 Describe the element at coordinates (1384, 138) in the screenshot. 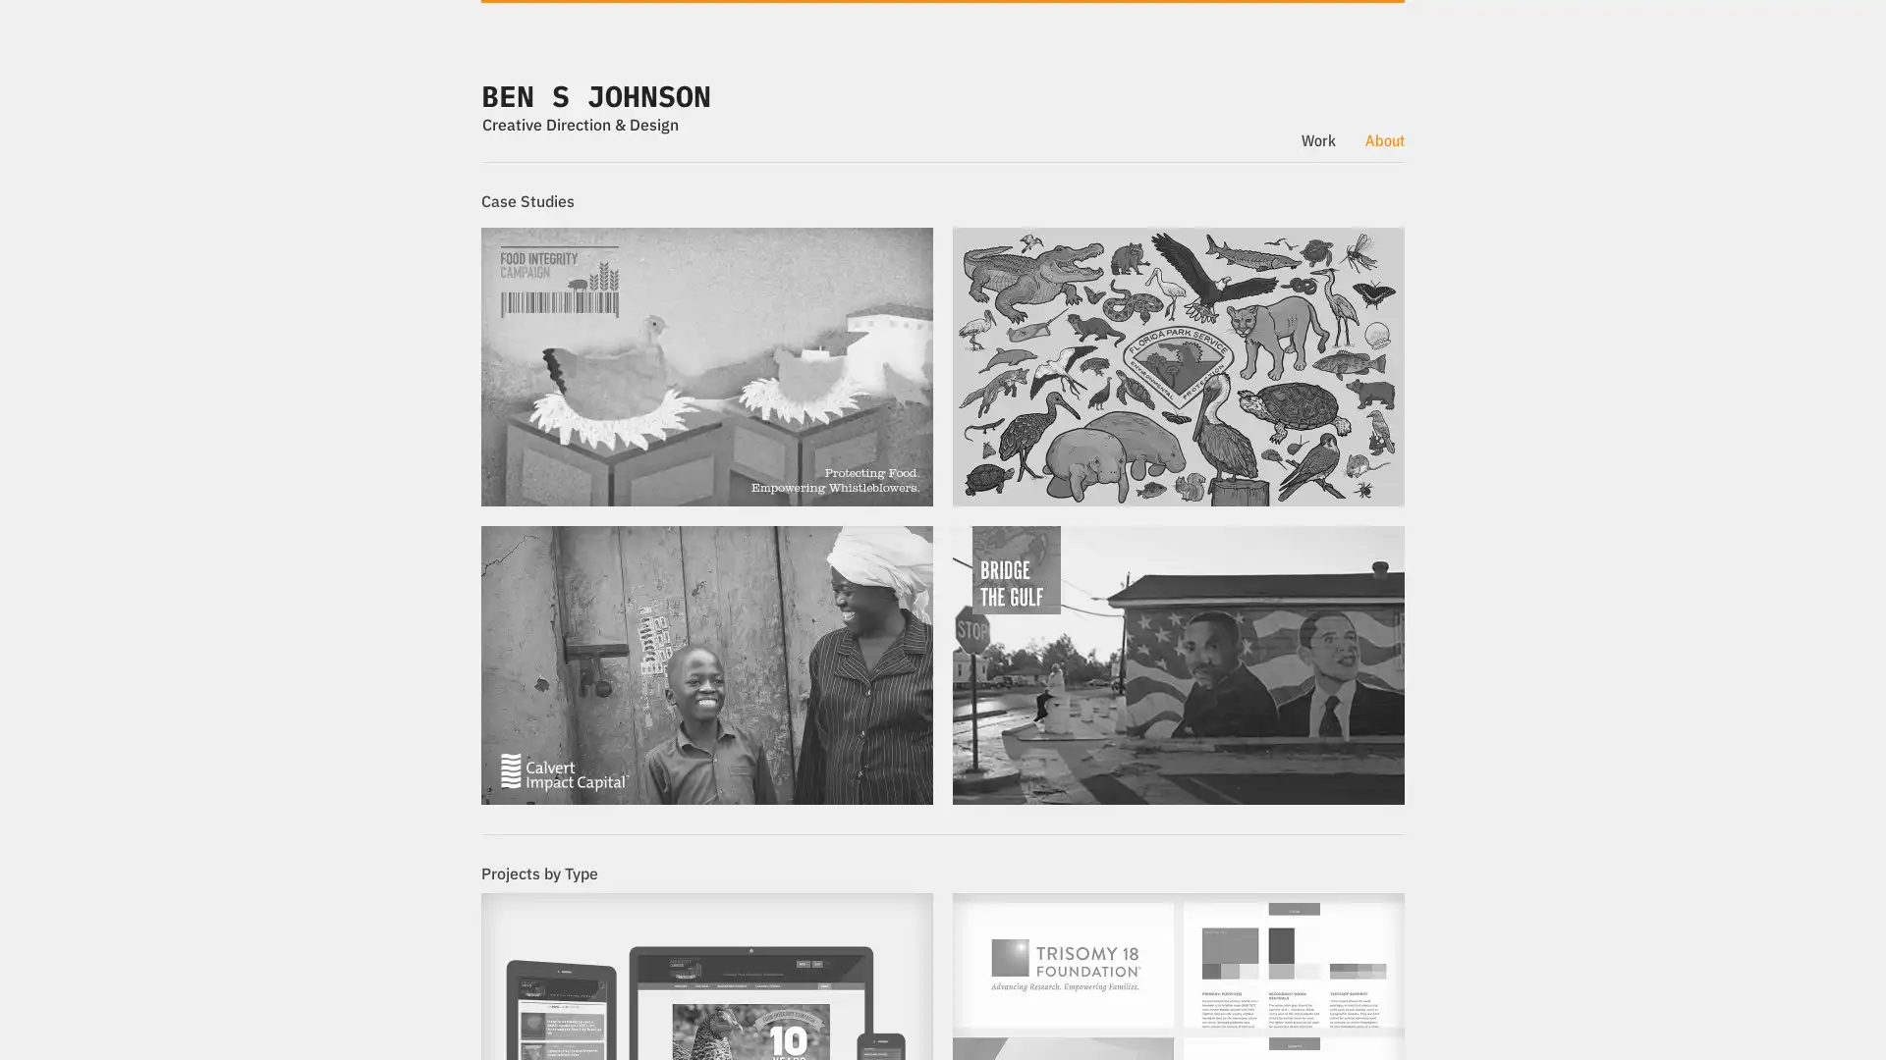

I see `About` at that location.